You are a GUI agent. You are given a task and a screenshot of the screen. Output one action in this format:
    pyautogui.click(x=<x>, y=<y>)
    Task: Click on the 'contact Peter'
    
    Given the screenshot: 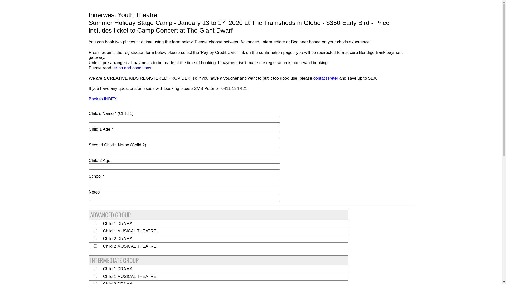 What is the action you would take?
    pyautogui.click(x=325, y=78)
    